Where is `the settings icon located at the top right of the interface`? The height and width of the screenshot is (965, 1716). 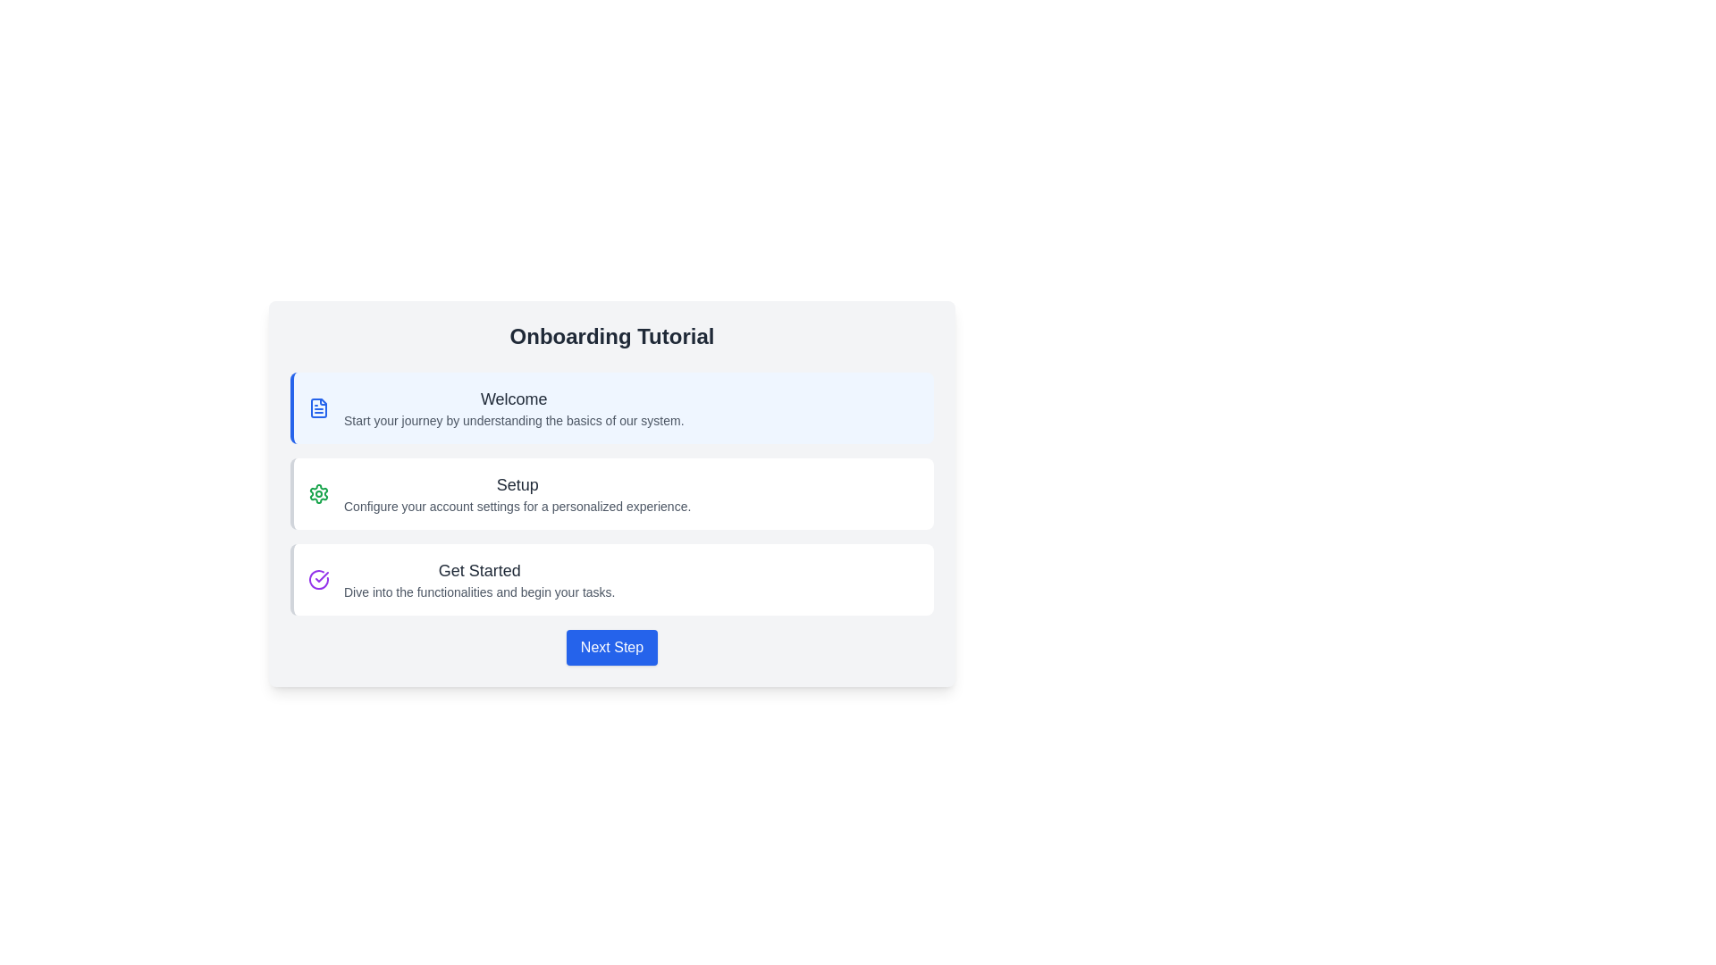
the settings icon located at the top right of the interface is located at coordinates (318, 493).